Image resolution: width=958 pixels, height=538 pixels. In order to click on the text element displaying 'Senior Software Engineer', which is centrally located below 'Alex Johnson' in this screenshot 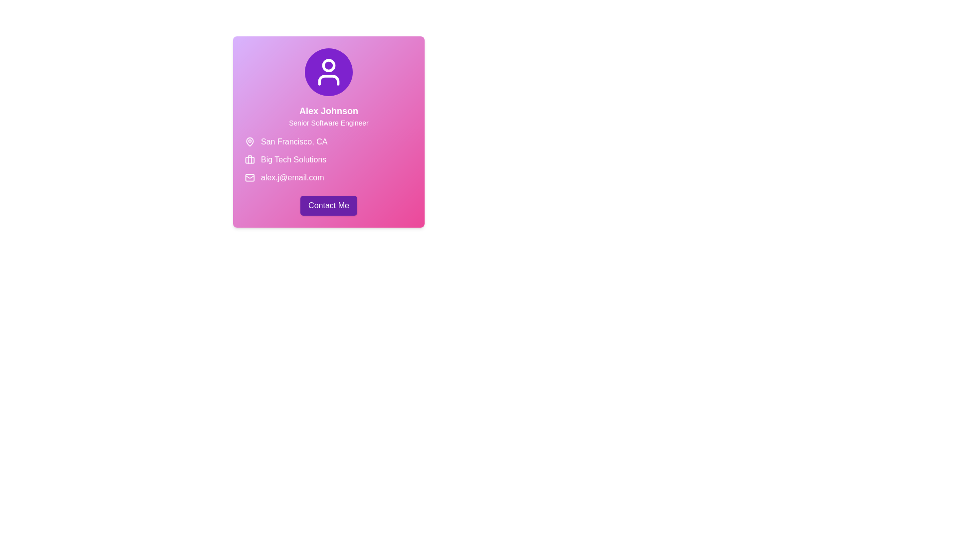, I will do `click(328, 122)`.